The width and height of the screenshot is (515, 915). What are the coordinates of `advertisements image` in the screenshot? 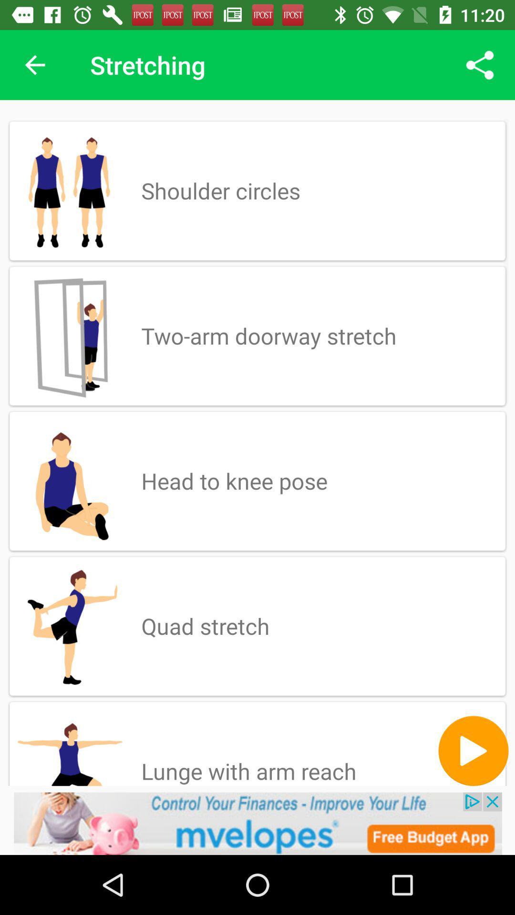 It's located at (257, 823).